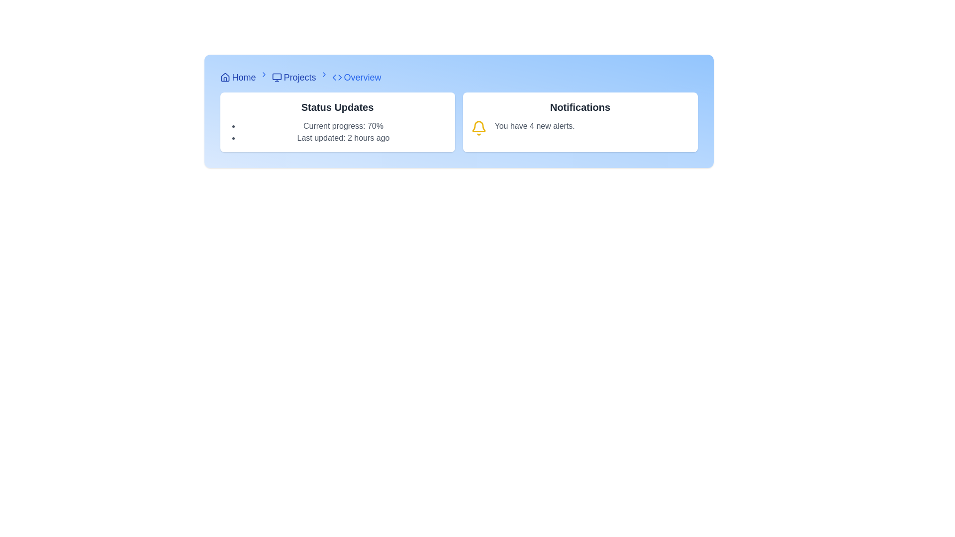  Describe the element at coordinates (340, 77) in the screenshot. I see `the right-pointing arrowhead SVG element that serves as a separator in the breadcrumb navigation system` at that location.